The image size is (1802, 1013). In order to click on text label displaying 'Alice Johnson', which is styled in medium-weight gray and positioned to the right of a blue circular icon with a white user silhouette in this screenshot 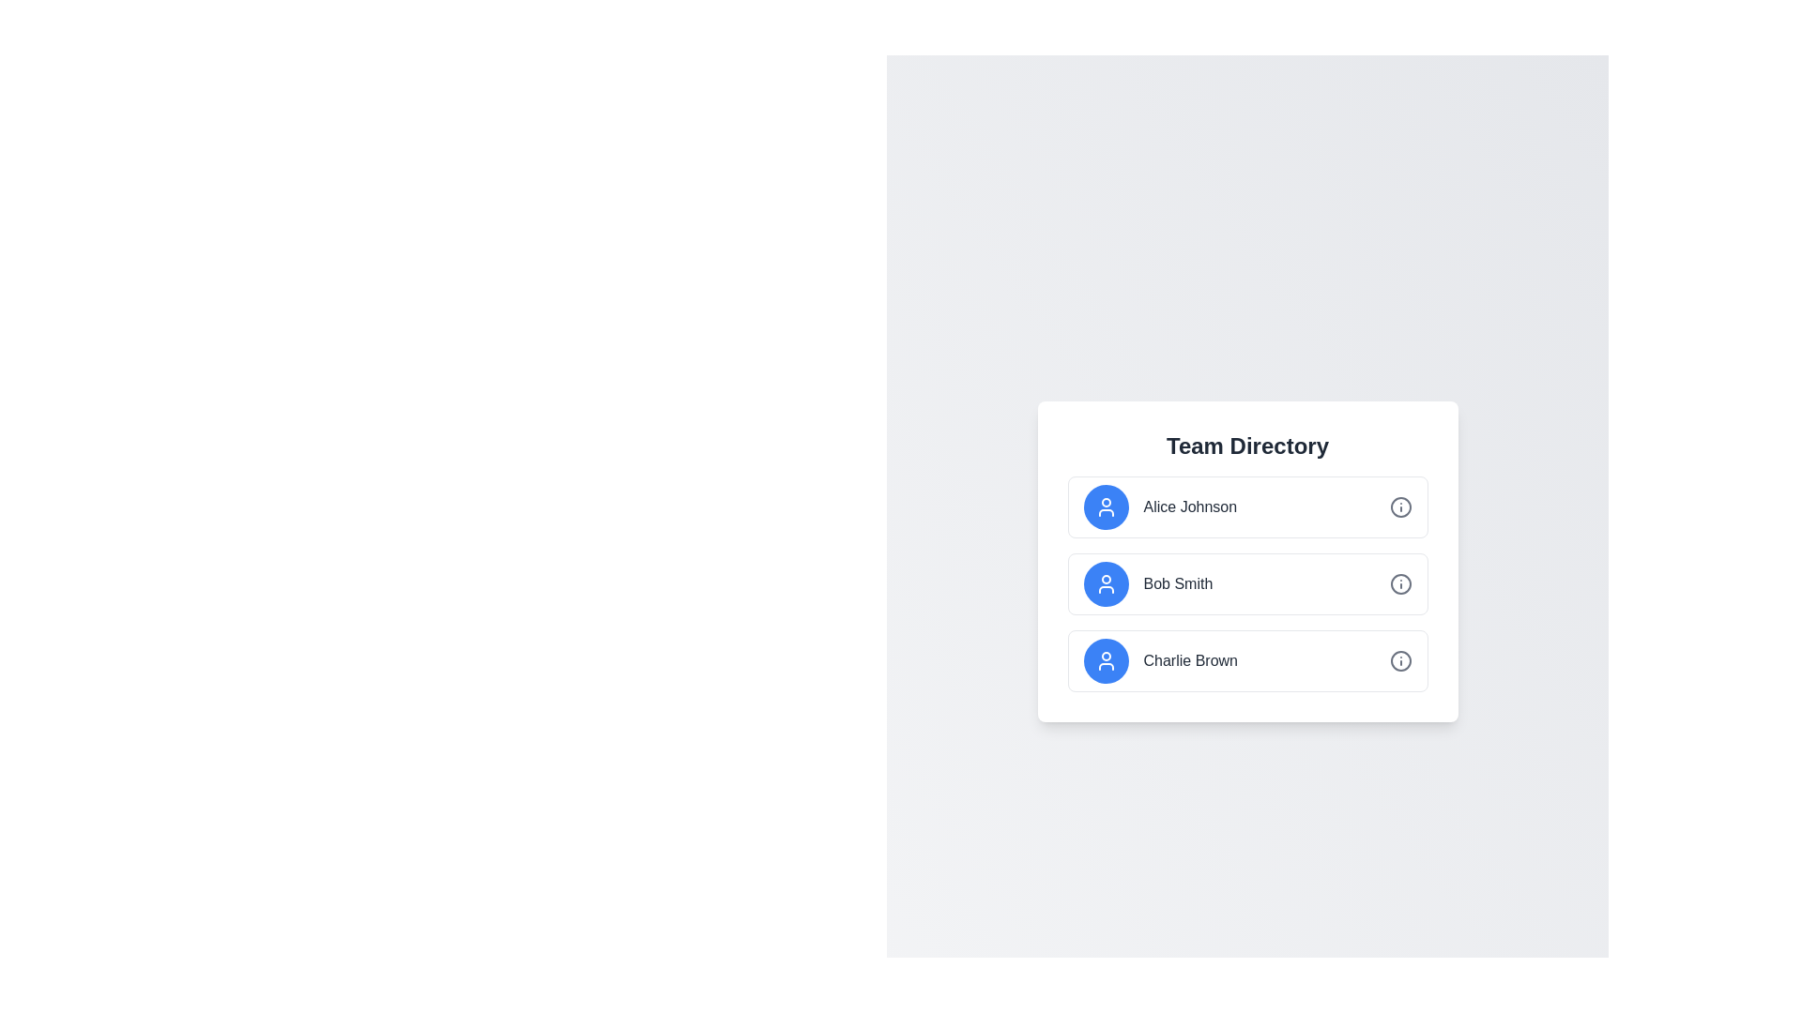, I will do `click(1159, 506)`.